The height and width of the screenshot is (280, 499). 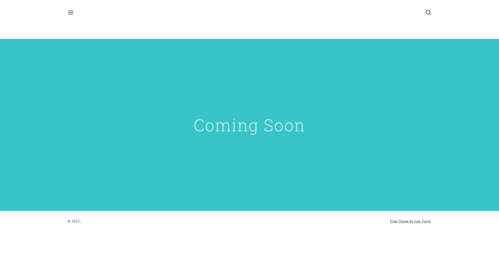 What do you see at coordinates (410, 221) in the screenshot?
I see `'Eisai theme by Ivan Fonin'` at bounding box center [410, 221].